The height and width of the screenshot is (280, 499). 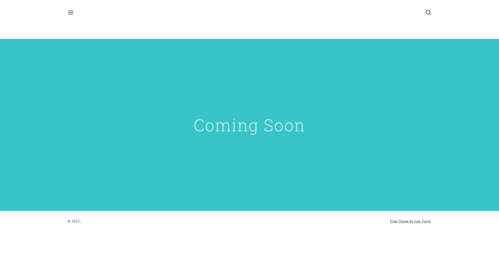 What do you see at coordinates (410, 221) in the screenshot?
I see `'Eisai theme by Ivan Fonin'` at bounding box center [410, 221].